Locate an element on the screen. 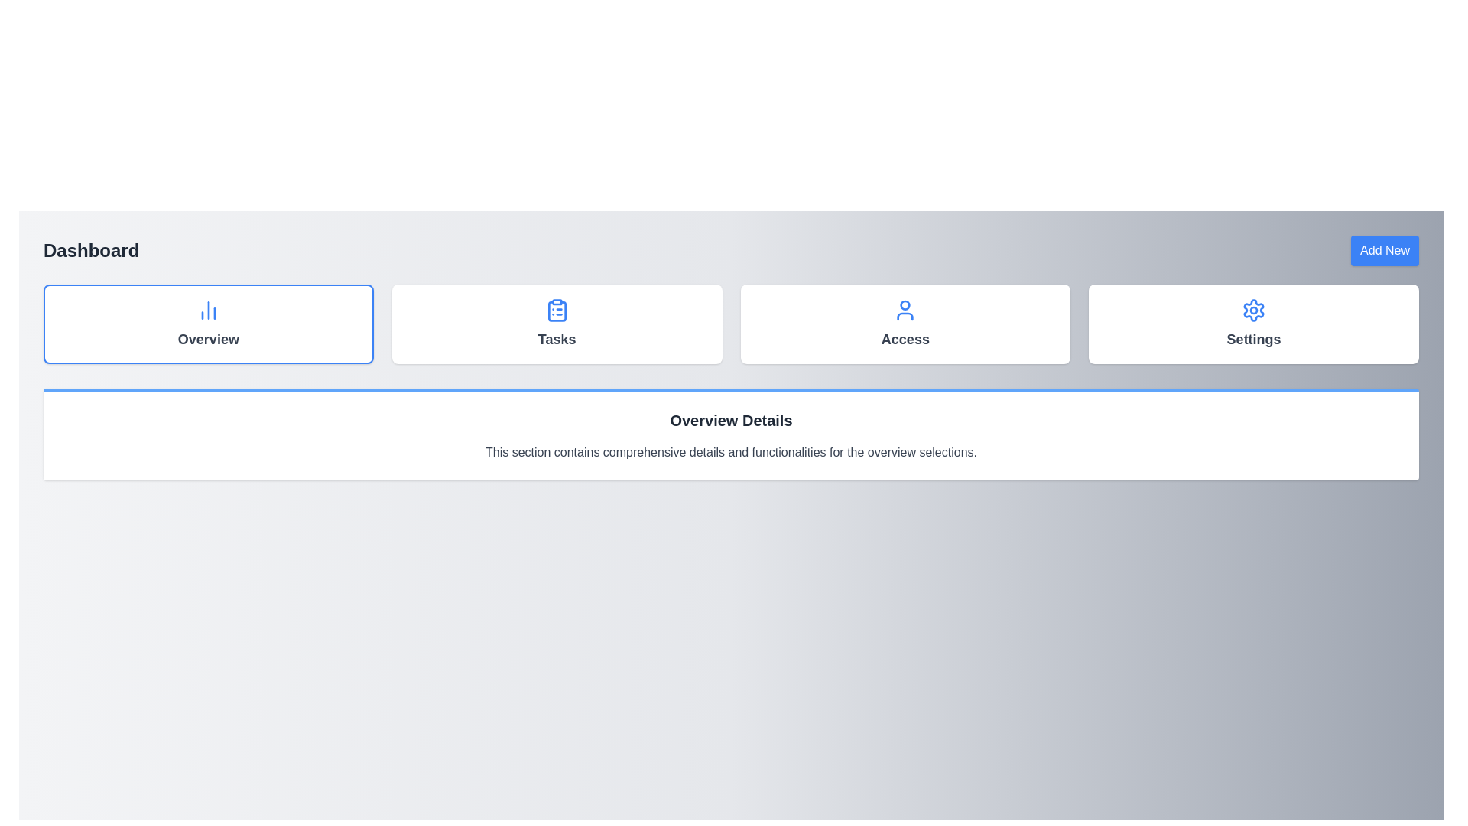 The width and height of the screenshot is (1468, 826). the 'Overview' text label located in the first card of the Dashboard section, which is centered beneath a blue bar chart icon is located at coordinates (207, 338).